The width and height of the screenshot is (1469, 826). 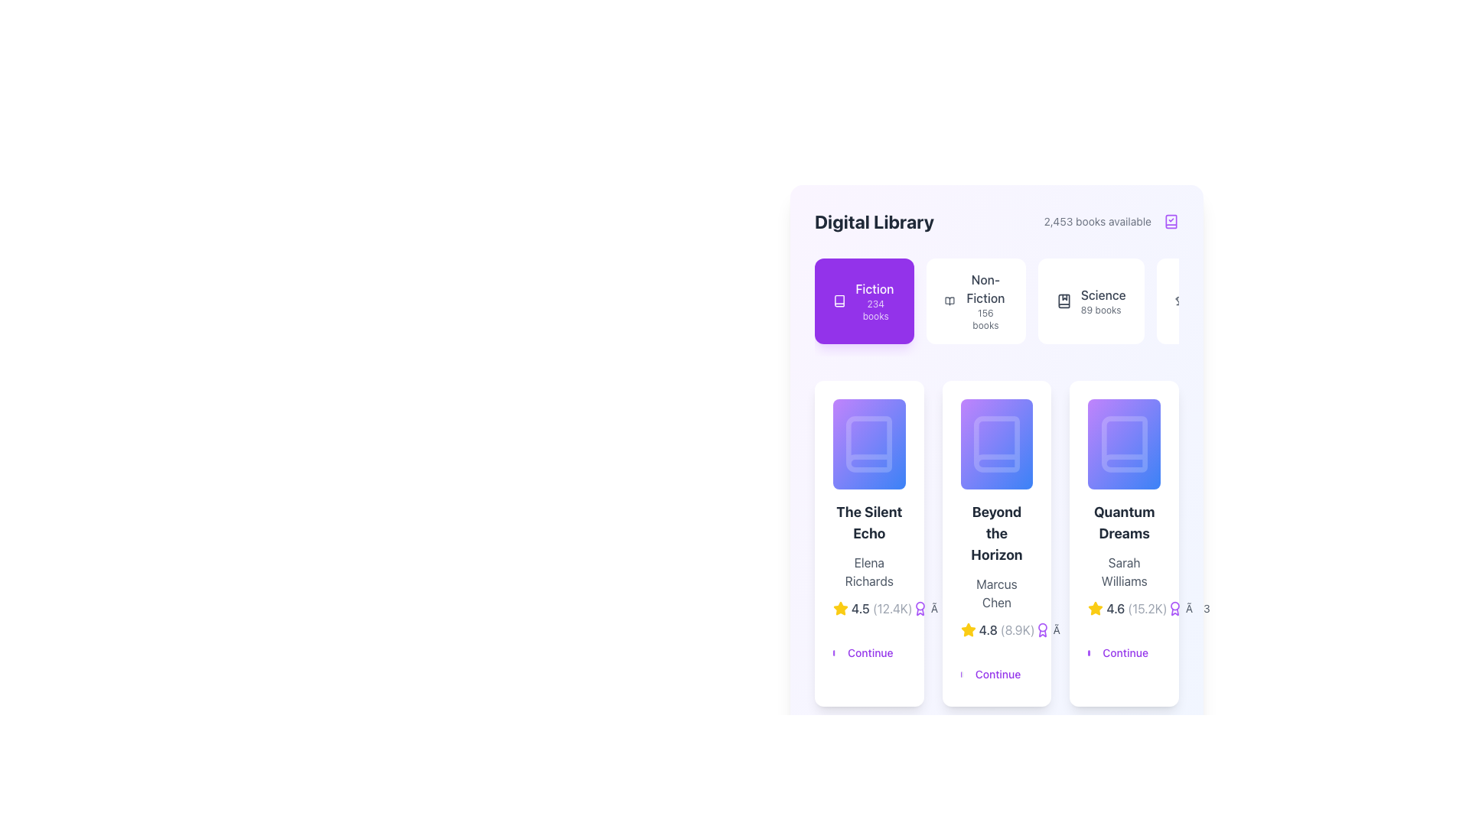 What do you see at coordinates (996, 593) in the screenshot?
I see `the static text element displaying the name 'Marcus Chen', which is centered below the title 'Beyond the Horizon' in the second card of the book list` at bounding box center [996, 593].